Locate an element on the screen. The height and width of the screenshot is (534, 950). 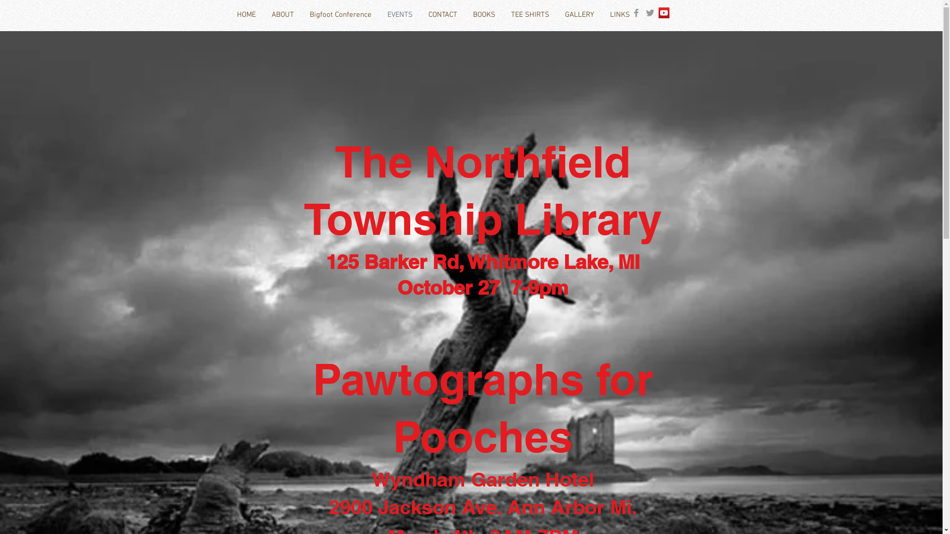
'LINKS' is located at coordinates (619, 15).